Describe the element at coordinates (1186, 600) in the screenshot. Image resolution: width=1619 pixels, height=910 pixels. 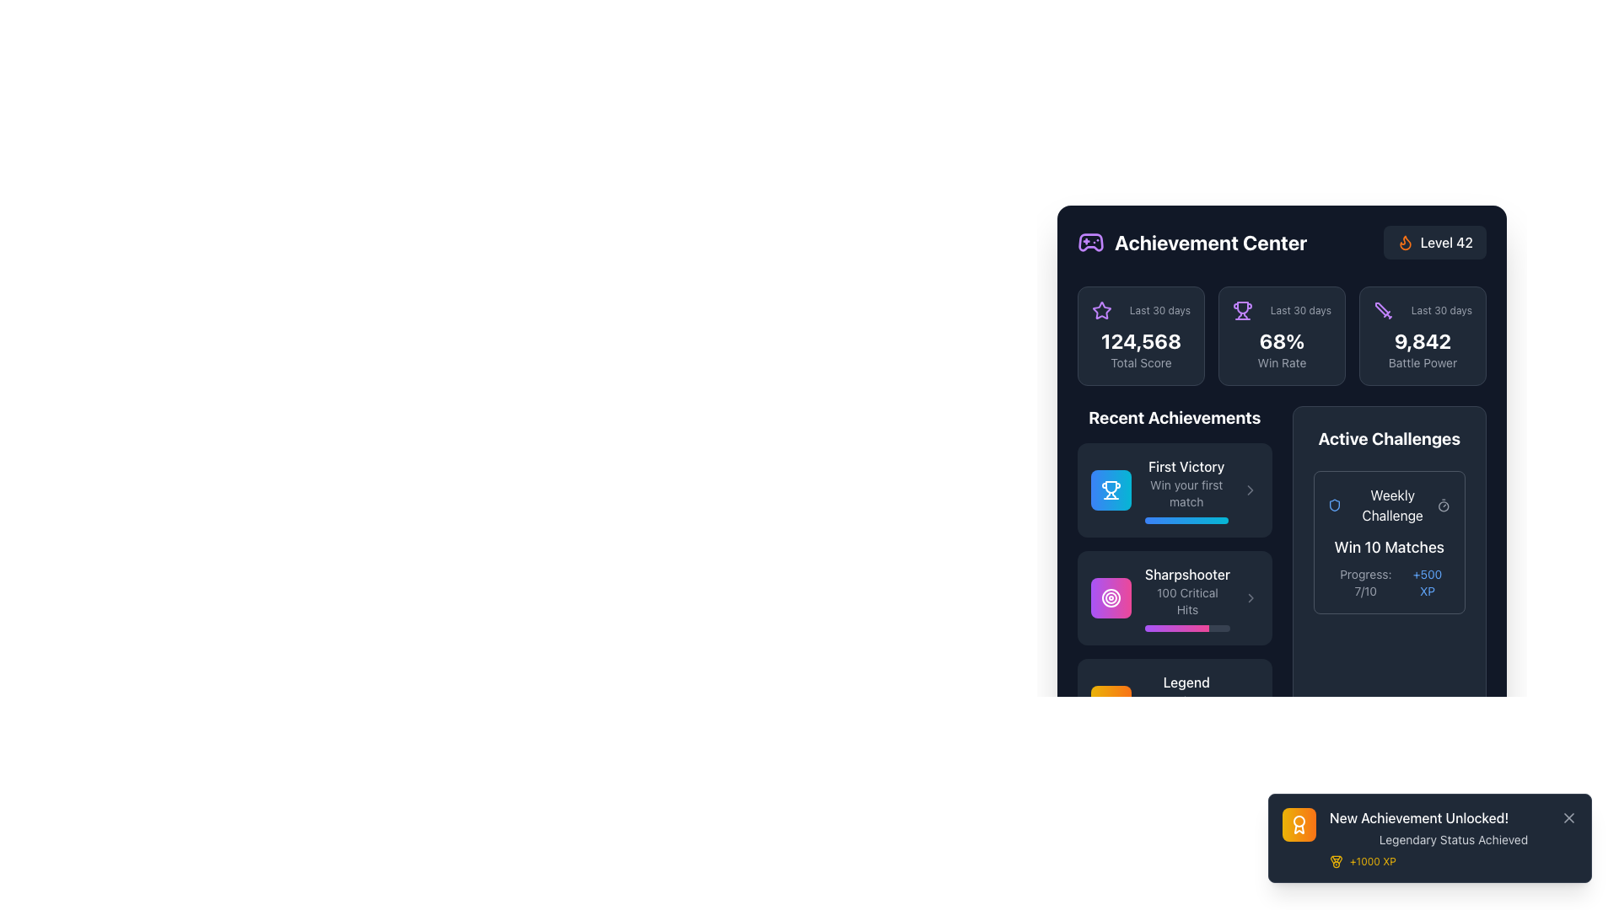
I see `the Text Display showing '100 Critical Hits' within the 'Recent Achievements' section, specifically under the 'Sharpshooter' title` at that location.